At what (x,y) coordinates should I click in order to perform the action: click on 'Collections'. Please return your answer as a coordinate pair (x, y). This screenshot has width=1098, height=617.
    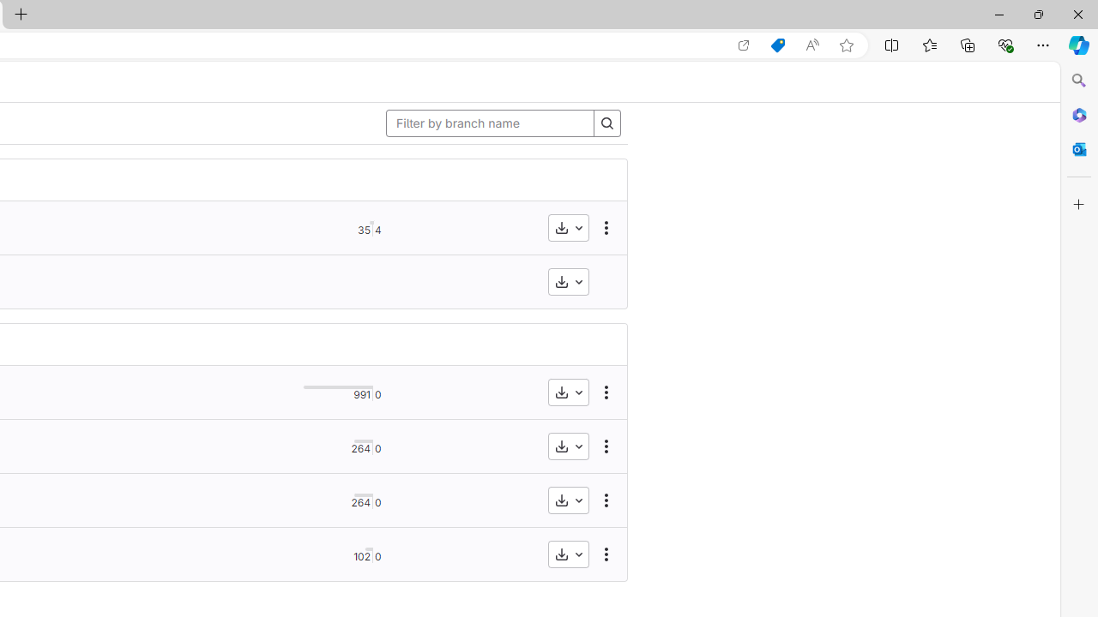
    Looking at the image, I should click on (968, 44).